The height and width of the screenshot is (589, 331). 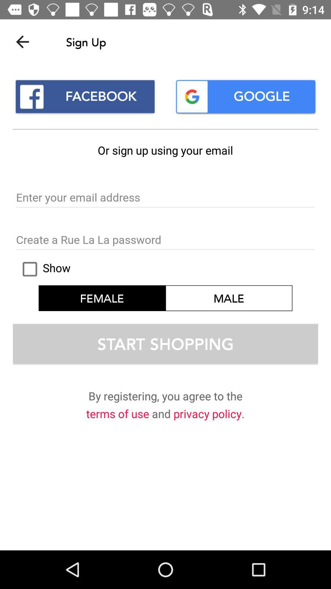 What do you see at coordinates (229, 298) in the screenshot?
I see `the item on the right` at bounding box center [229, 298].